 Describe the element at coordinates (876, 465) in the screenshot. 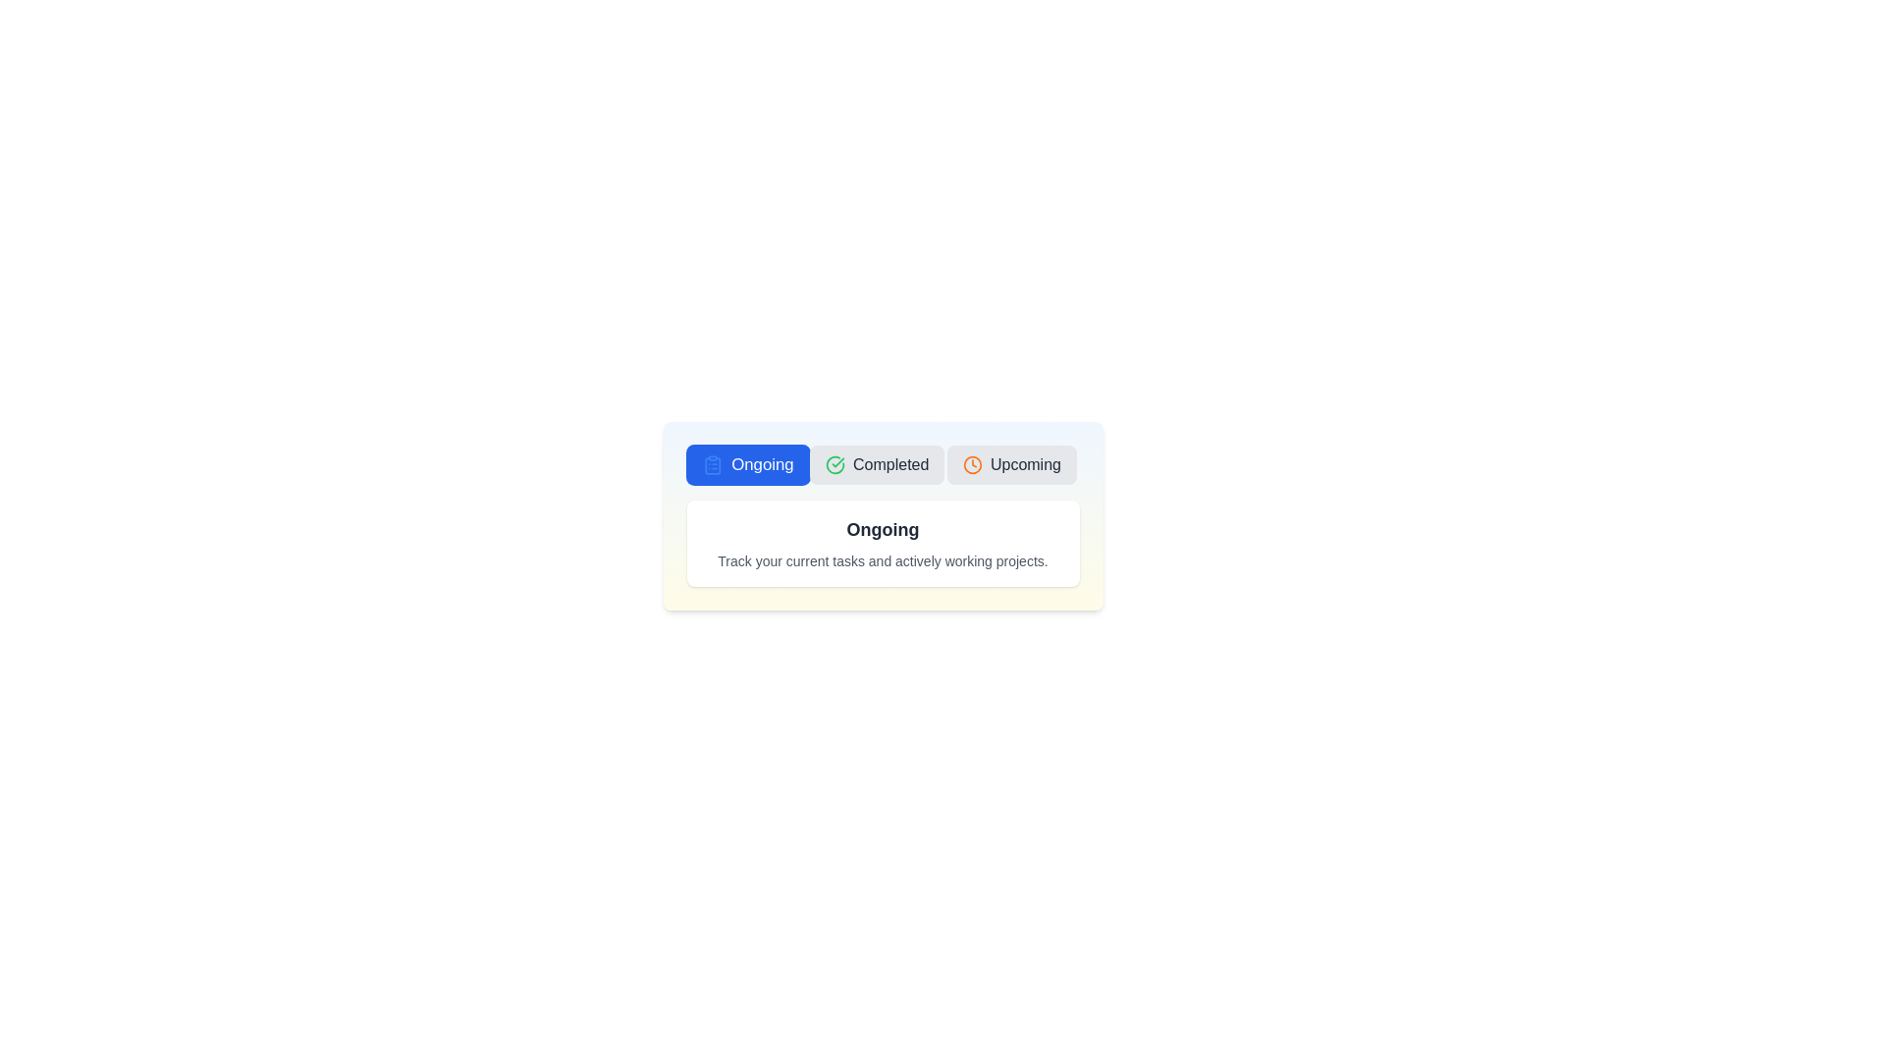

I see `the 'Completed' tab to view completed tasks` at that location.